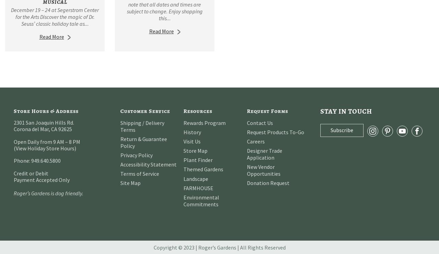 This screenshot has width=439, height=254. I want to click on 'December 19 – 24 at Segerstrom Center for the Arts Discover the magic of Dr. Seuss’ classic holiday tale as...', so click(55, 16).